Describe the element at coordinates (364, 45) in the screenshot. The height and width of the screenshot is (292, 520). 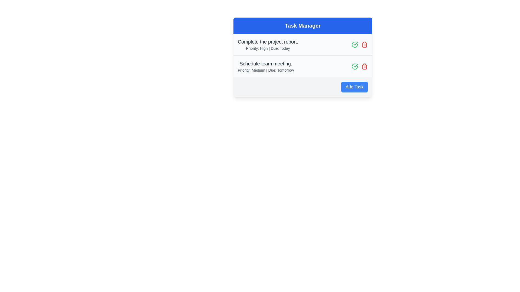
I see `the trash bin icon component representing the delete functionality next to the 'Schedule team meeting' task in the Task Manager interface` at that location.